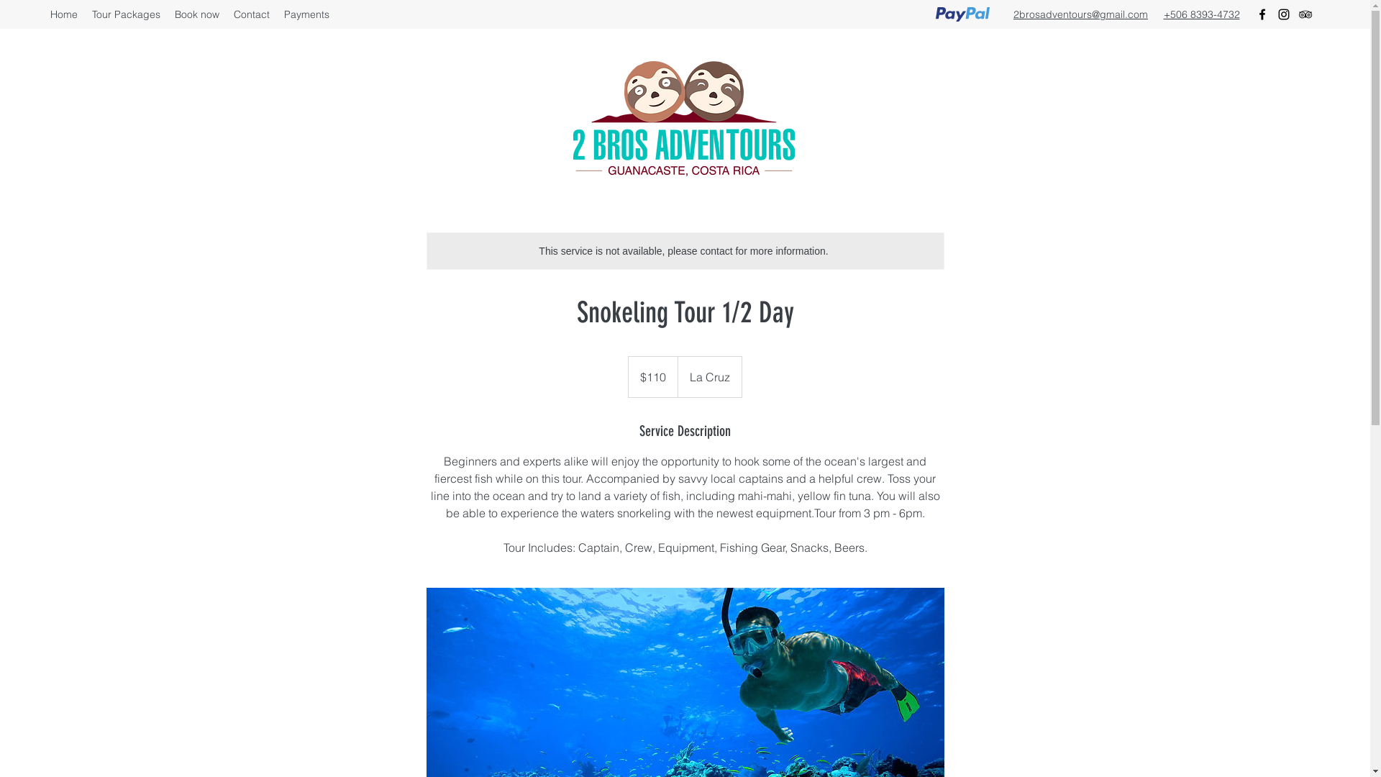 The image size is (1381, 777). Describe the element at coordinates (1201, 14) in the screenshot. I see `'+506 8393-4732'` at that location.